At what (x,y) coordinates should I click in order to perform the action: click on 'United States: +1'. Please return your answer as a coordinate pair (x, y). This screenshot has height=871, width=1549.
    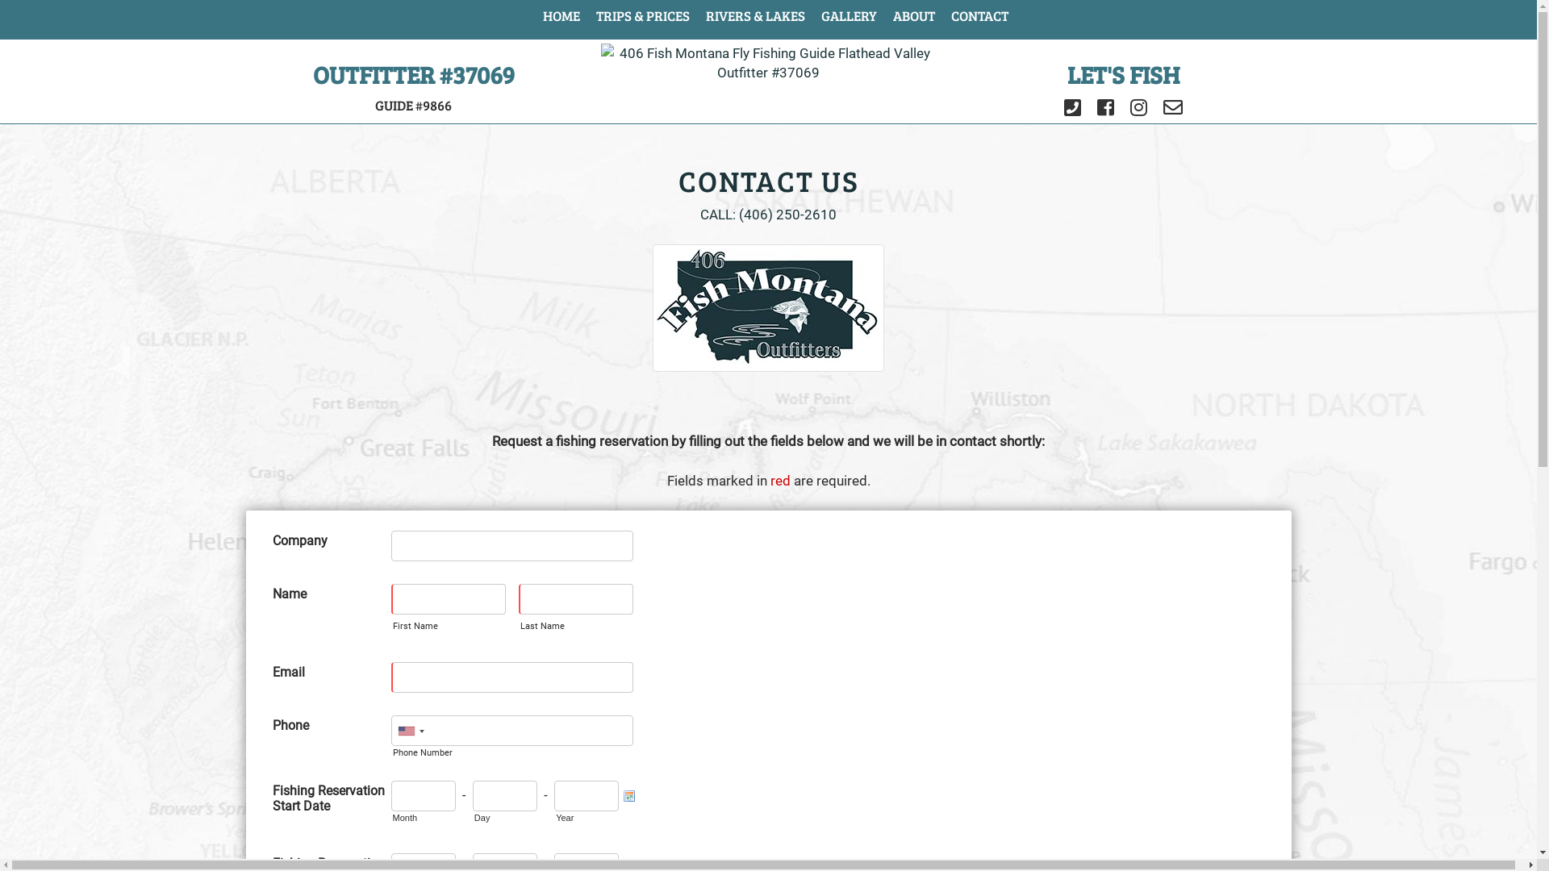
    Looking at the image, I should click on (391, 731).